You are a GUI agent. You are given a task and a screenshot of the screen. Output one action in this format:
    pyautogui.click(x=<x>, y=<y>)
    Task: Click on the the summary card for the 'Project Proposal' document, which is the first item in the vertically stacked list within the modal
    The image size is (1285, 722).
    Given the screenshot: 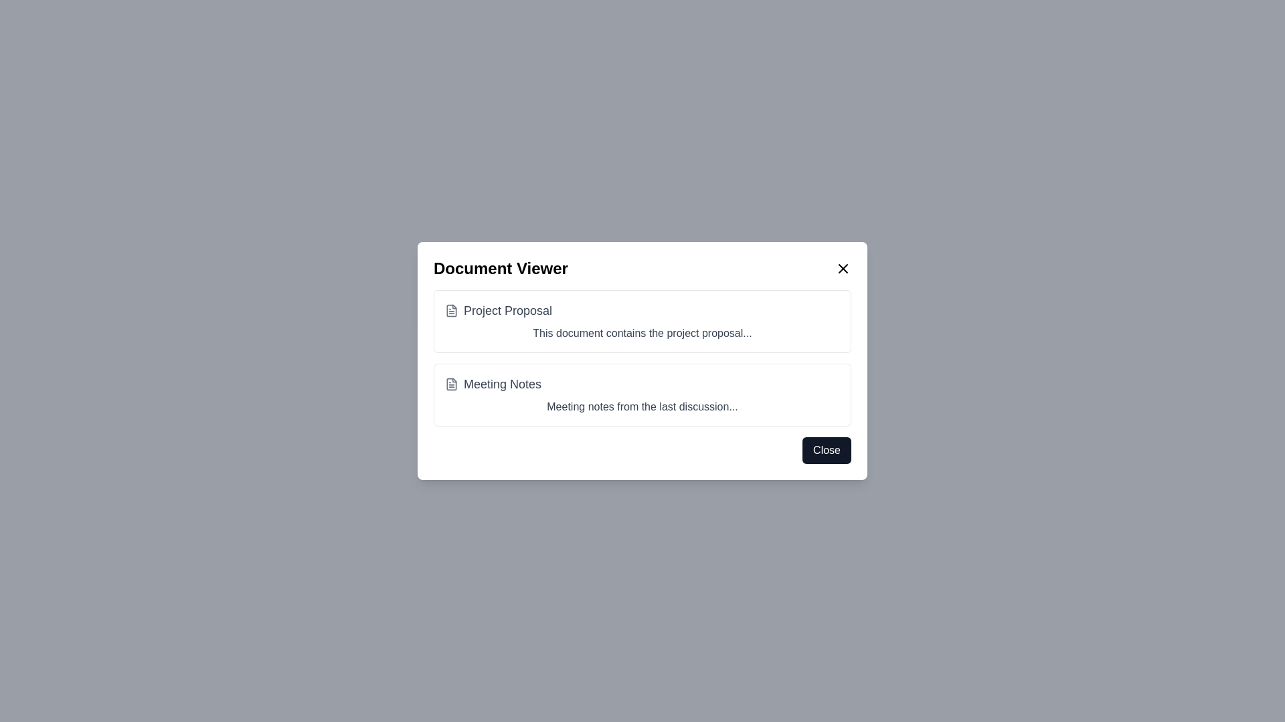 What is the action you would take?
    pyautogui.click(x=642, y=322)
    